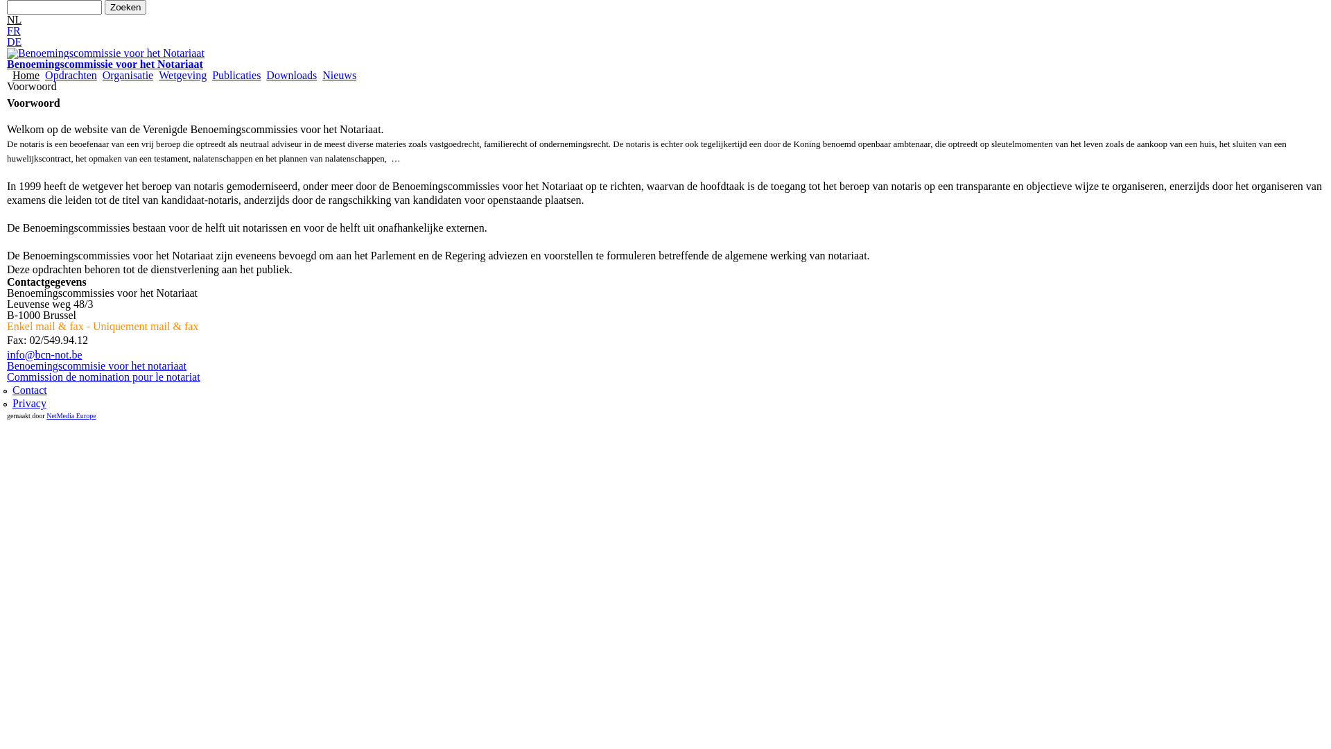 This screenshot has height=749, width=1331. I want to click on 'NetMedia Europe', so click(70, 415).